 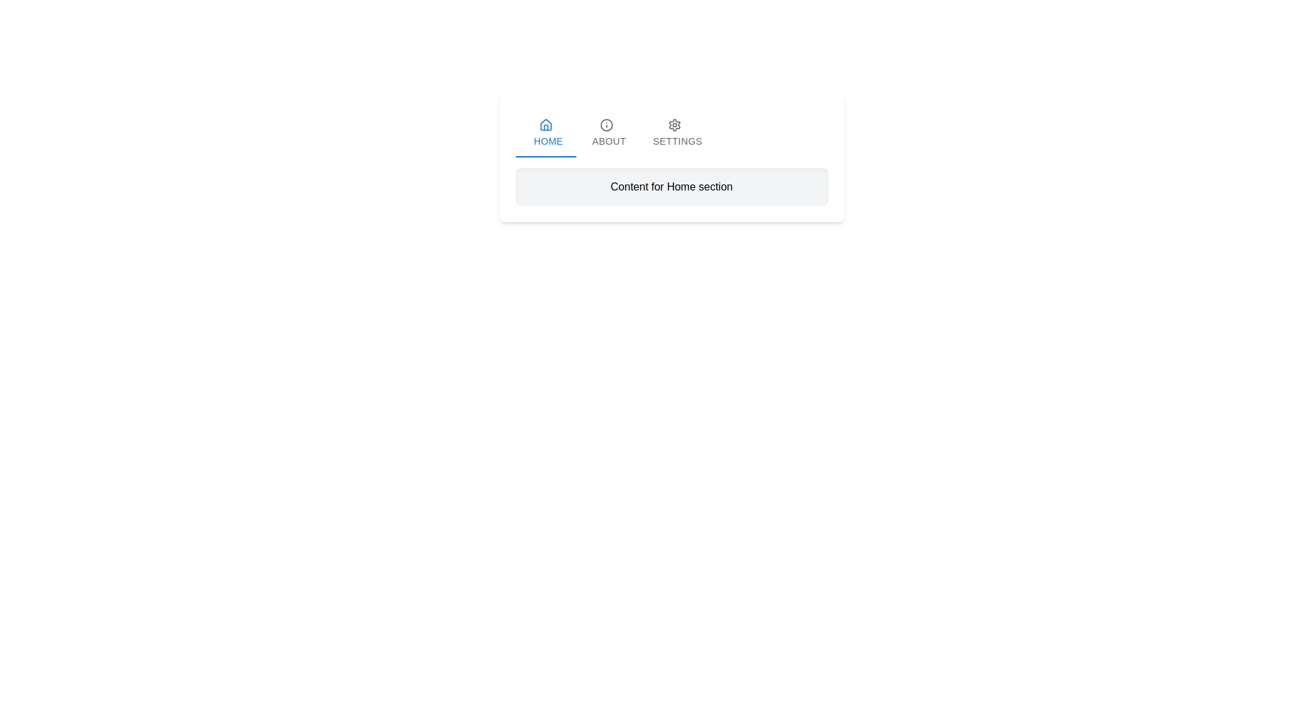 I want to click on the 'Settings' tab in the navigation bar, so click(x=675, y=133).